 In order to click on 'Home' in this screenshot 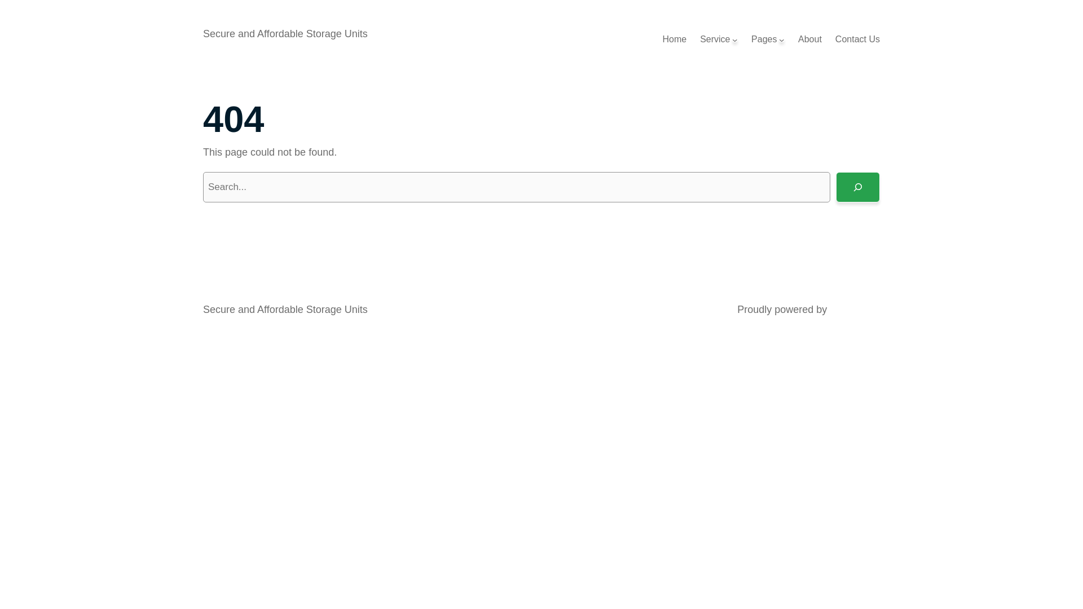, I will do `click(674, 39)`.